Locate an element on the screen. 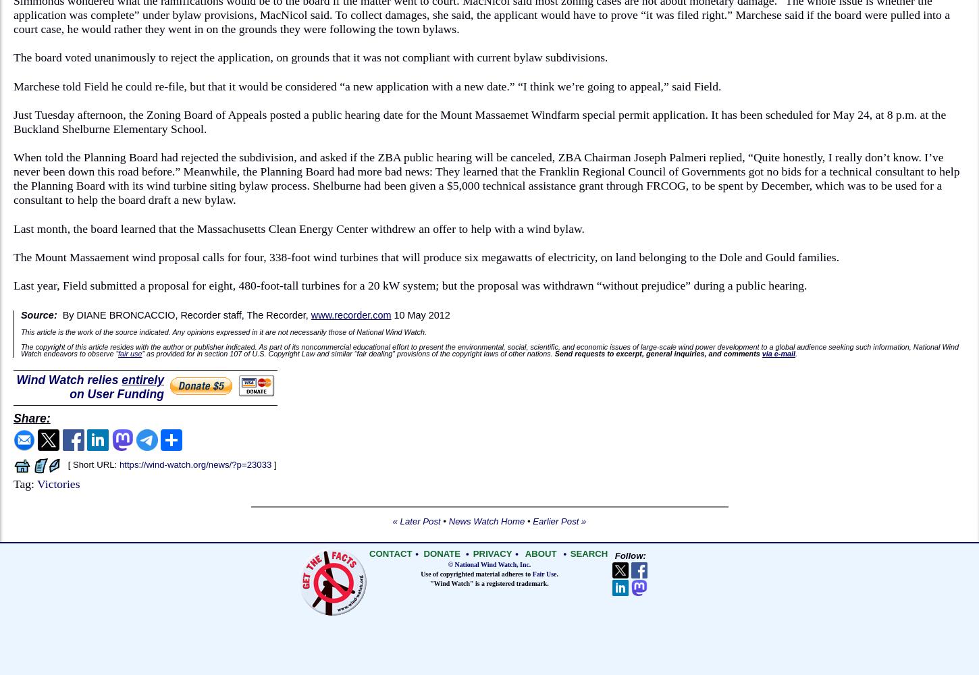 This screenshot has height=675, width=979. 'www.recorder.com' is located at coordinates (309, 314).